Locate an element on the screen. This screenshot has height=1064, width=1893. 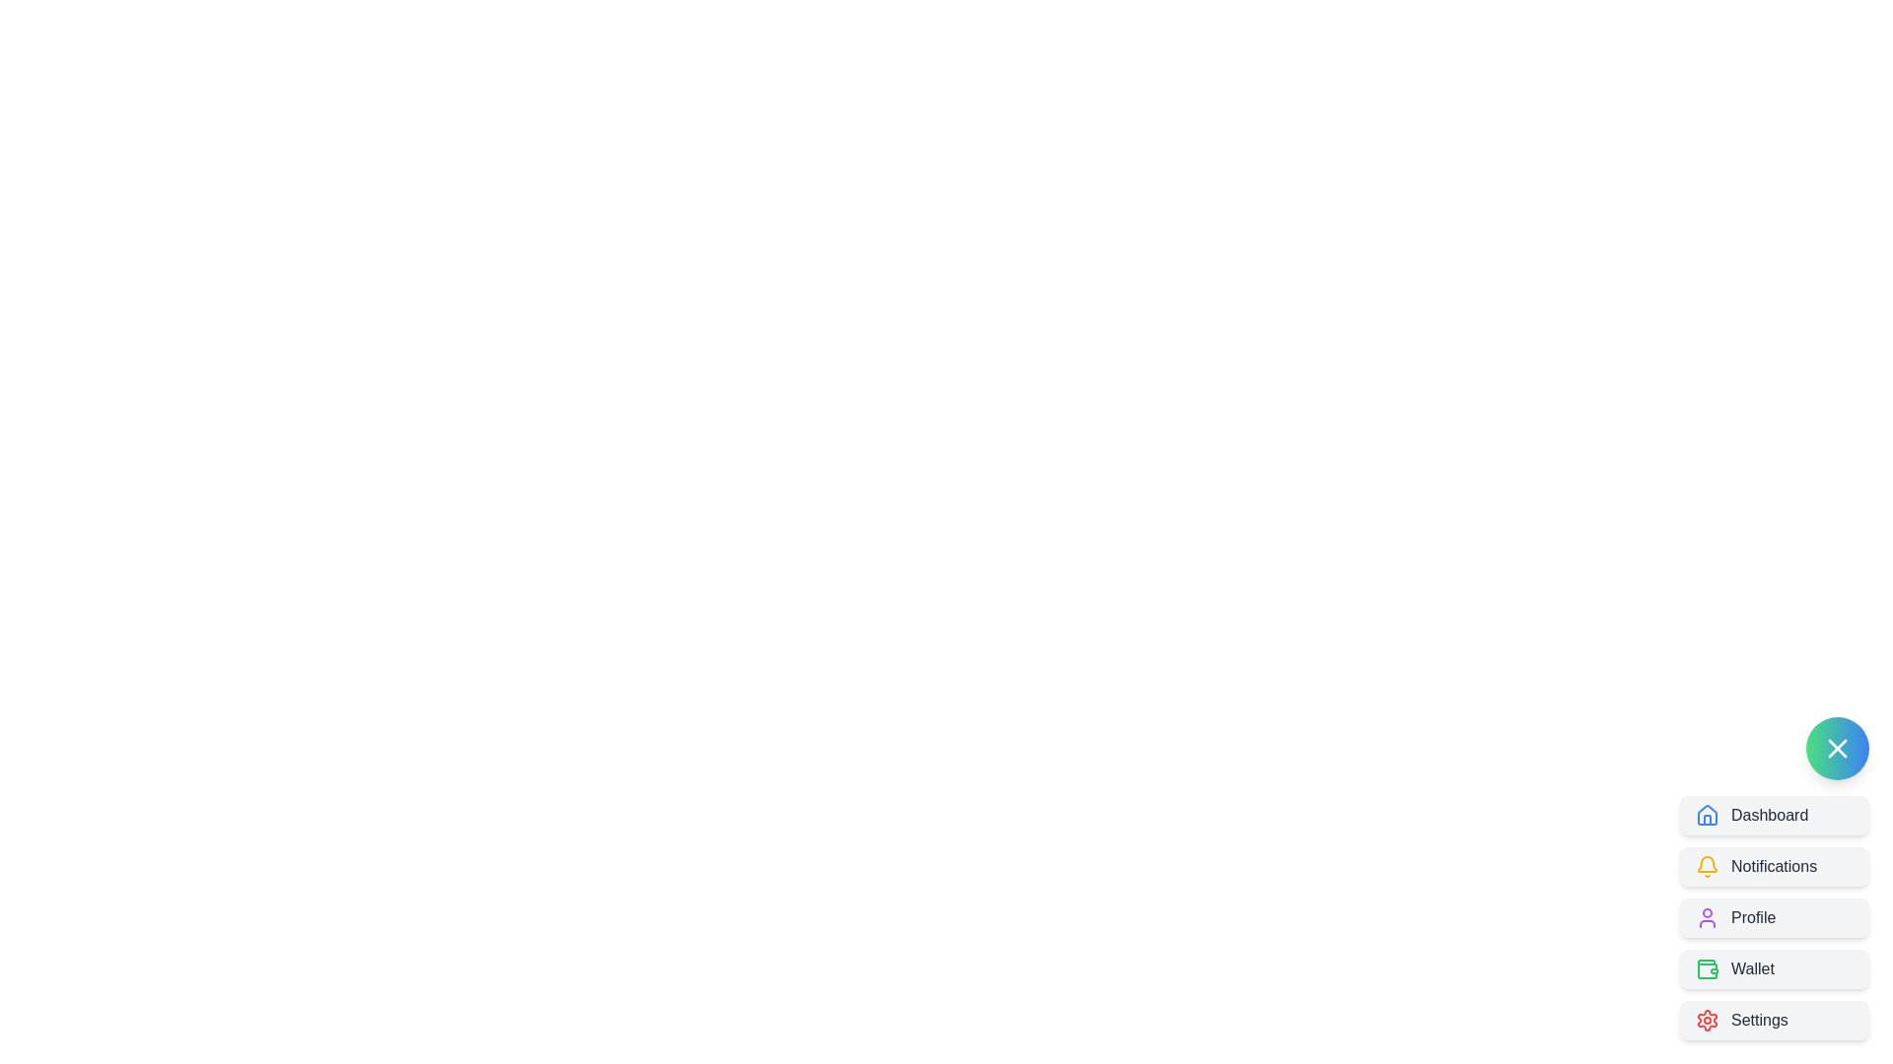
the Bell Symbol icon, which symbolizes notifications is located at coordinates (1707, 863).